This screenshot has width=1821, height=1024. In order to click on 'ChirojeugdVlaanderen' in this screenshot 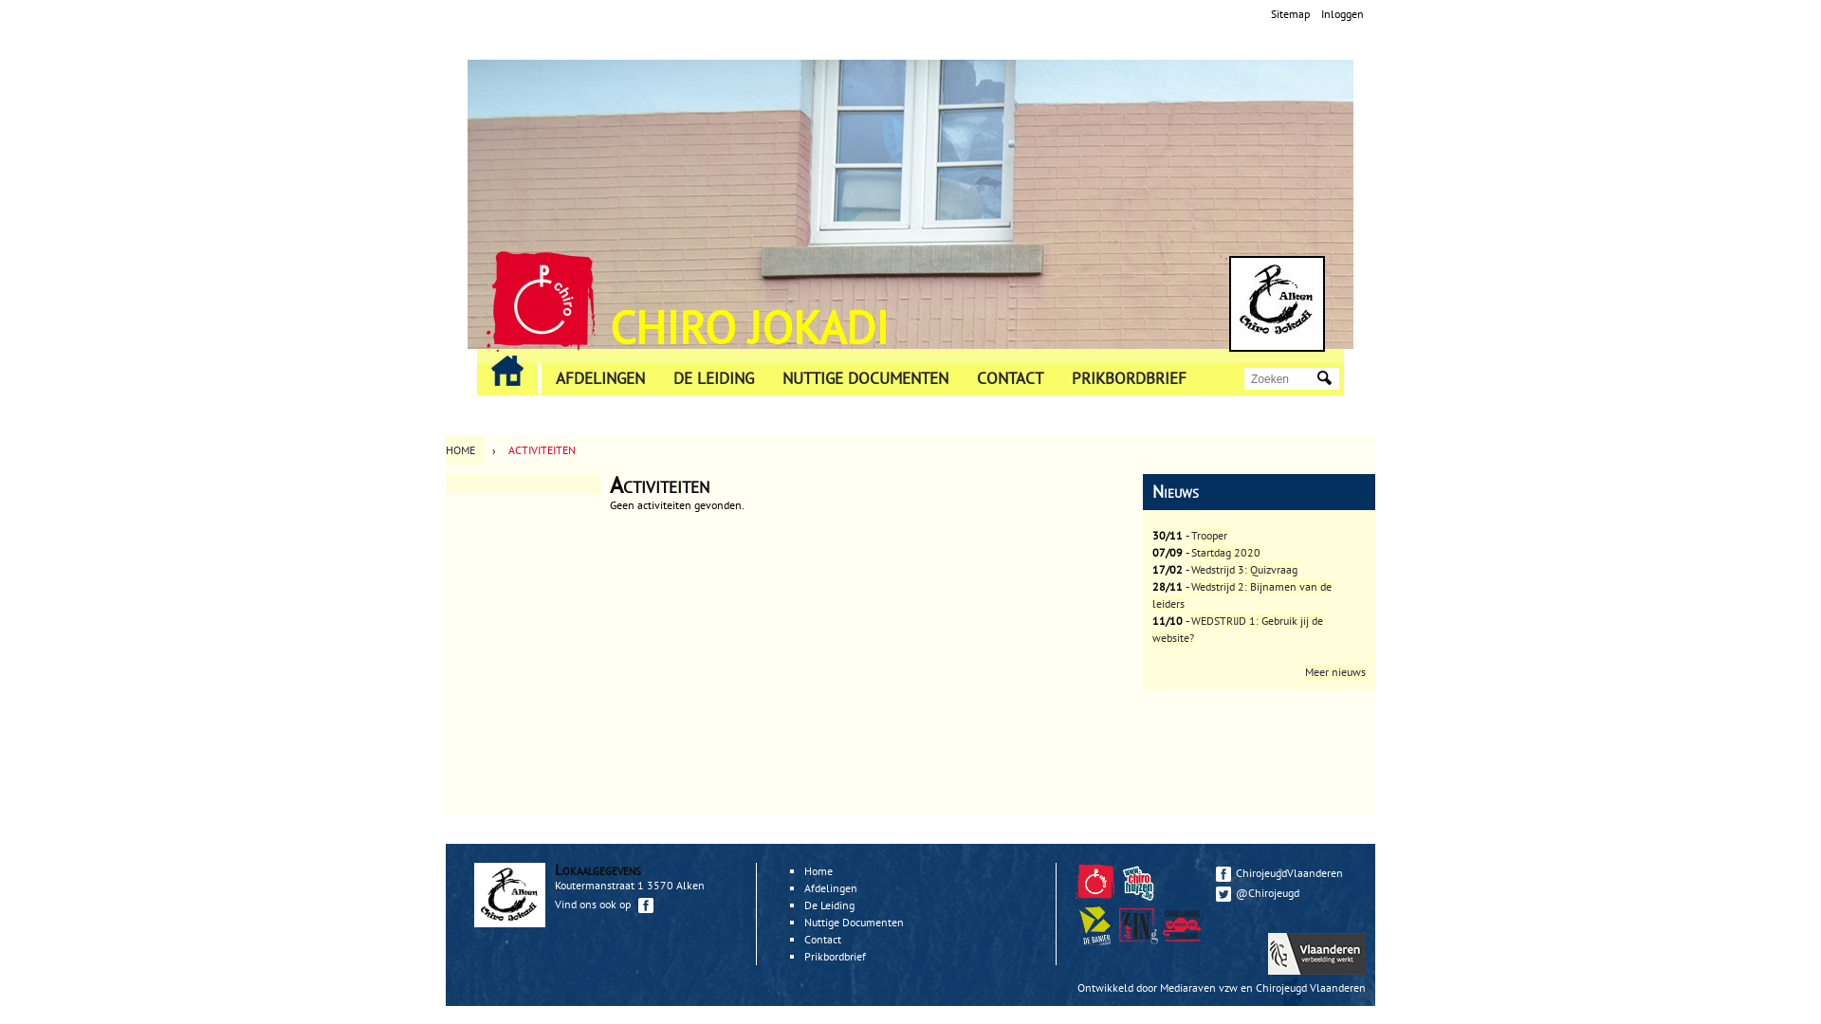, I will do `click(1215, 872)`.